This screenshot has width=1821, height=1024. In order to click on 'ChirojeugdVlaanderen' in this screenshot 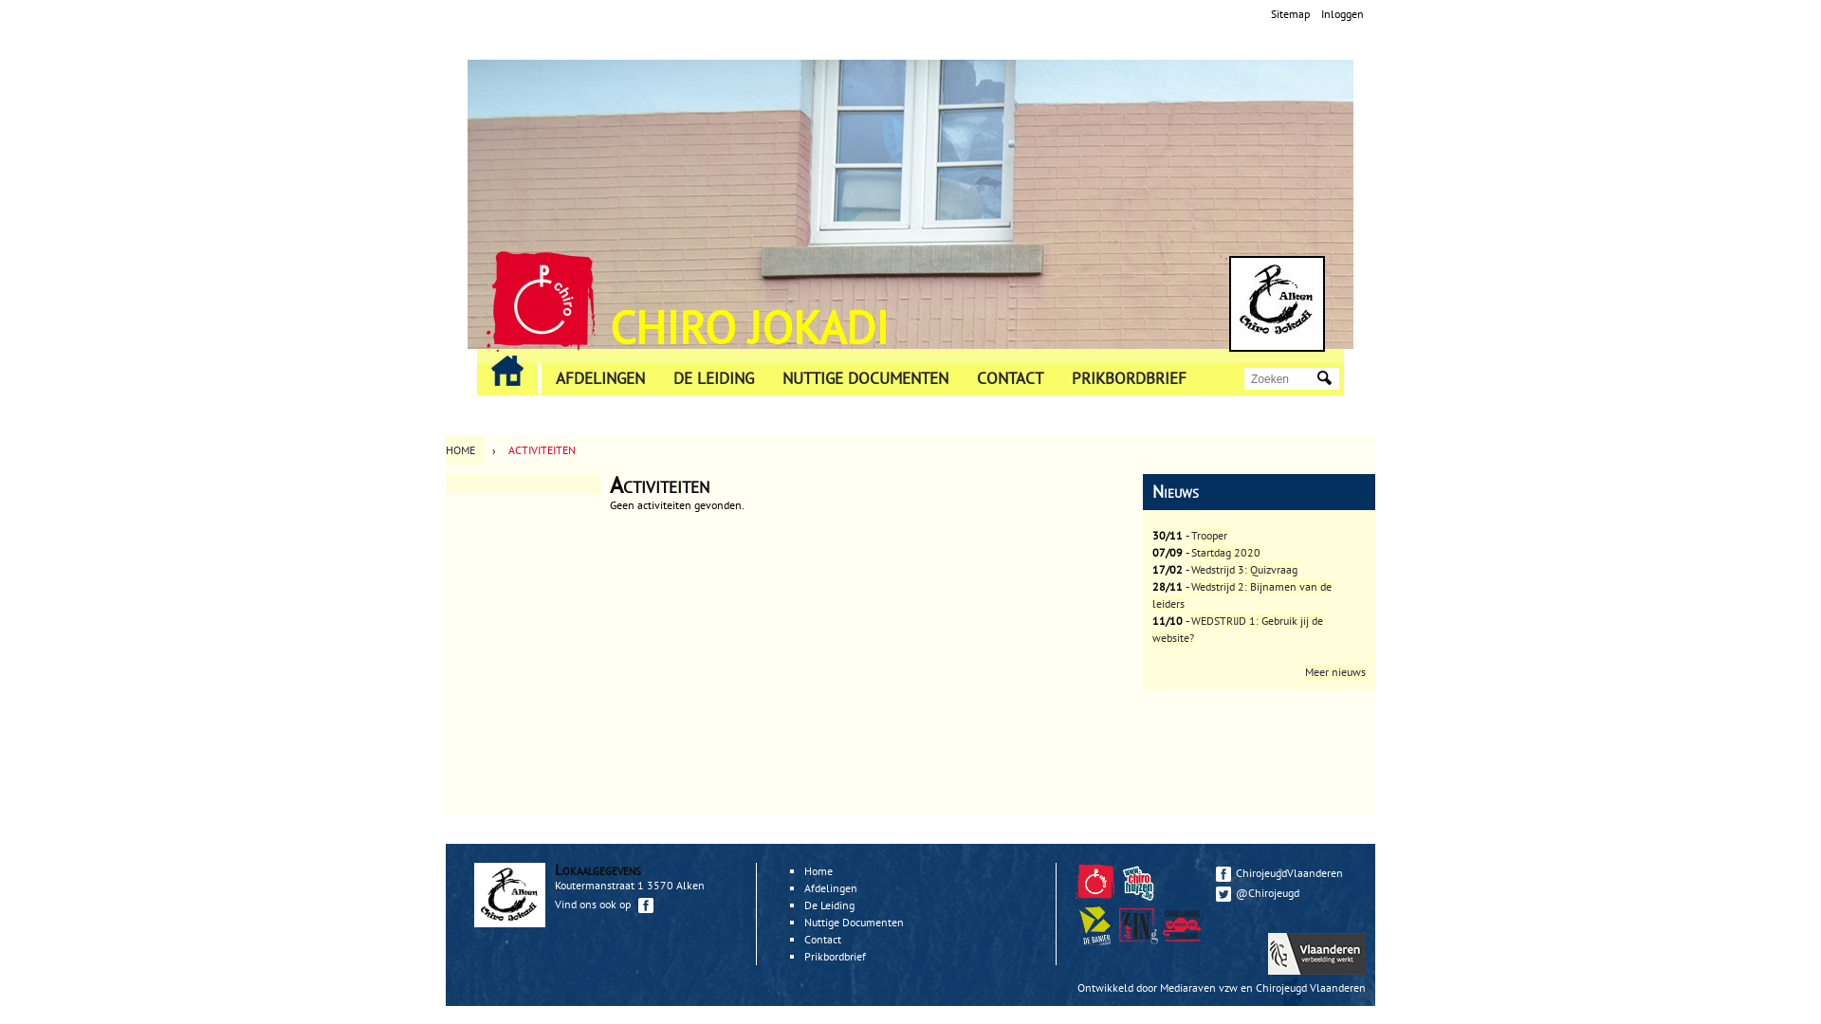, I will do `click(1215, 872)`.